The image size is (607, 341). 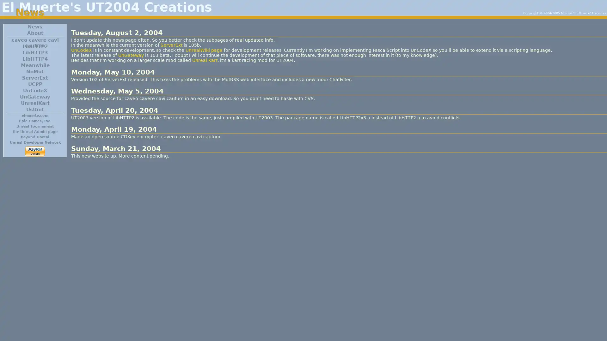 What do you see at coordinates (34, 151) in the screenshot?
I see `Make payments with PayPal - it's fast, free and secure!` at bounding box center [34, 151].